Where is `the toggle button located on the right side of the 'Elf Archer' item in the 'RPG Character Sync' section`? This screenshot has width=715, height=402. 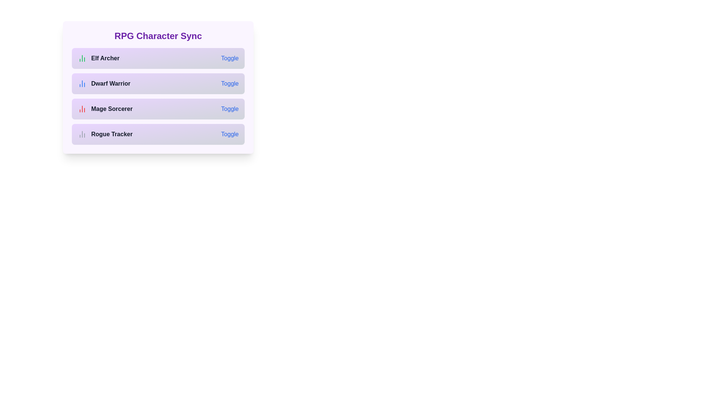 the toggle button located on the right side of the 'Elf Archer' item in the 'RPG Character Sync' section is located at coordinates (229, 58).